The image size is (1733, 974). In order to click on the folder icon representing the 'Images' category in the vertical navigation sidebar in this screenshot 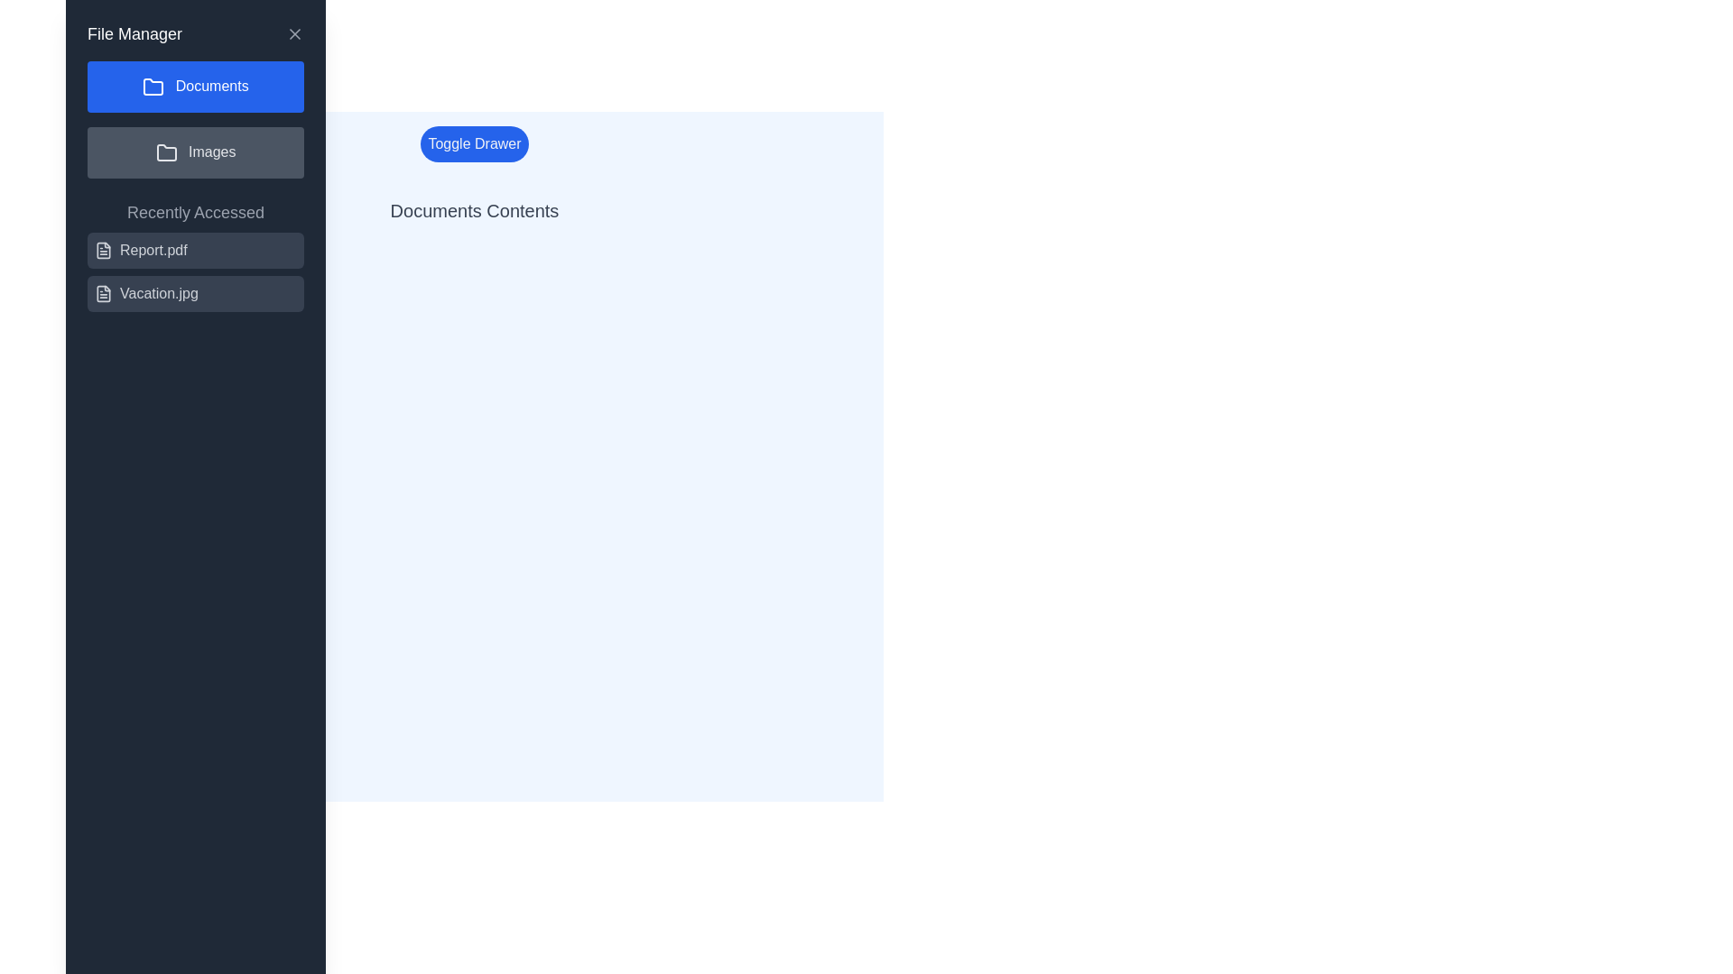, I will do `click(166, 152)`.